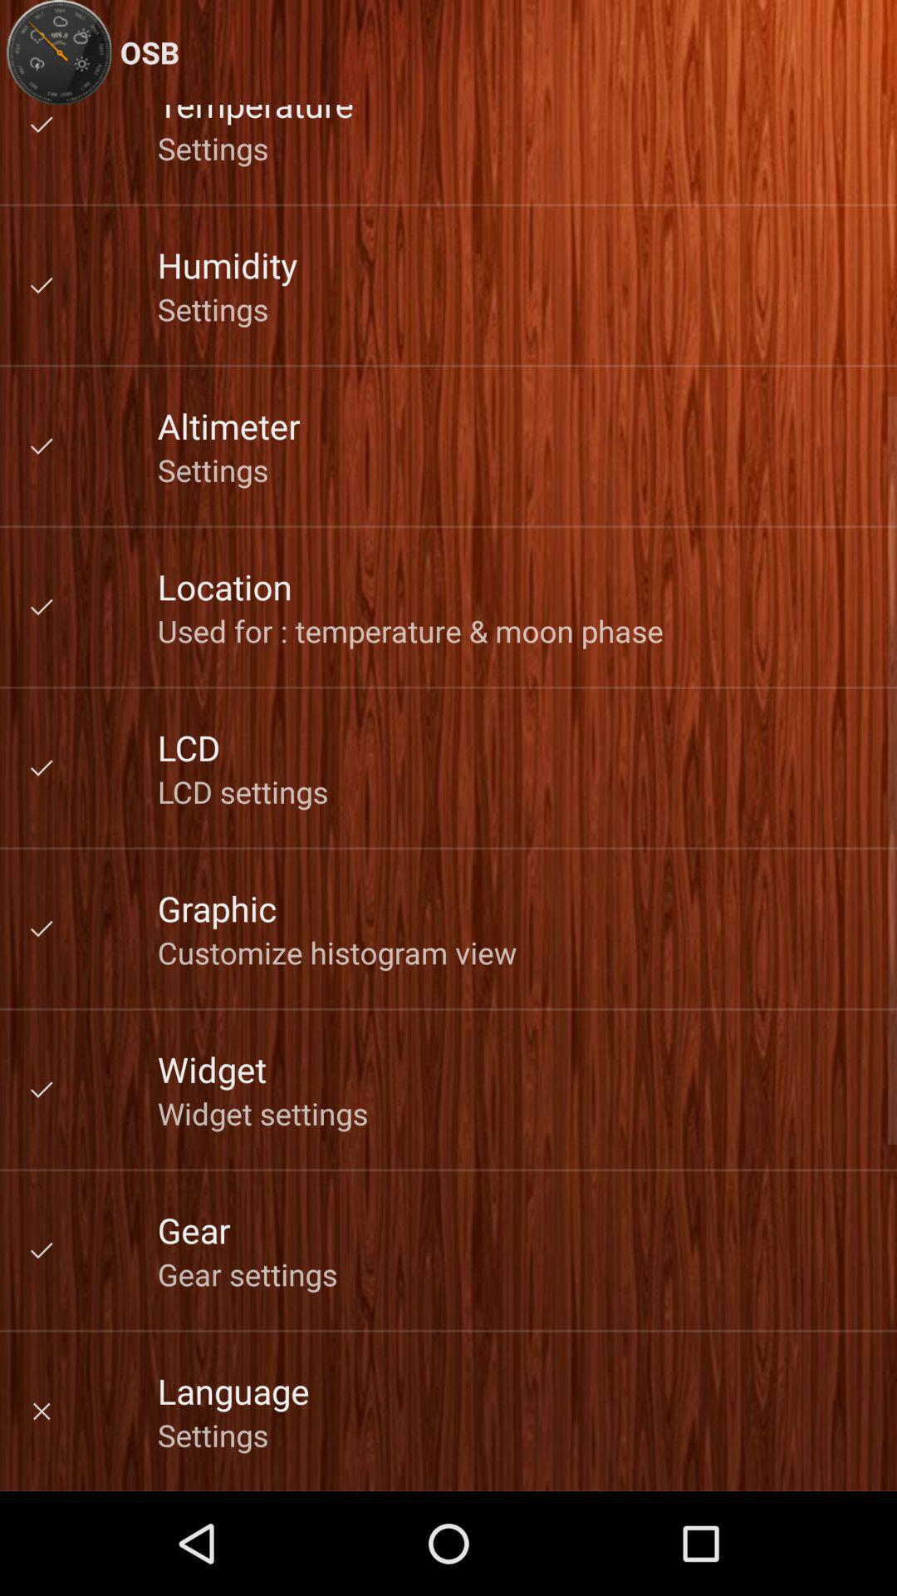 This screenshot has width=897, height=1596. What do you see at coordinates (248, 1273) in the screenshot?
I see `the icon above language app` at bounding box center [248, 1273].